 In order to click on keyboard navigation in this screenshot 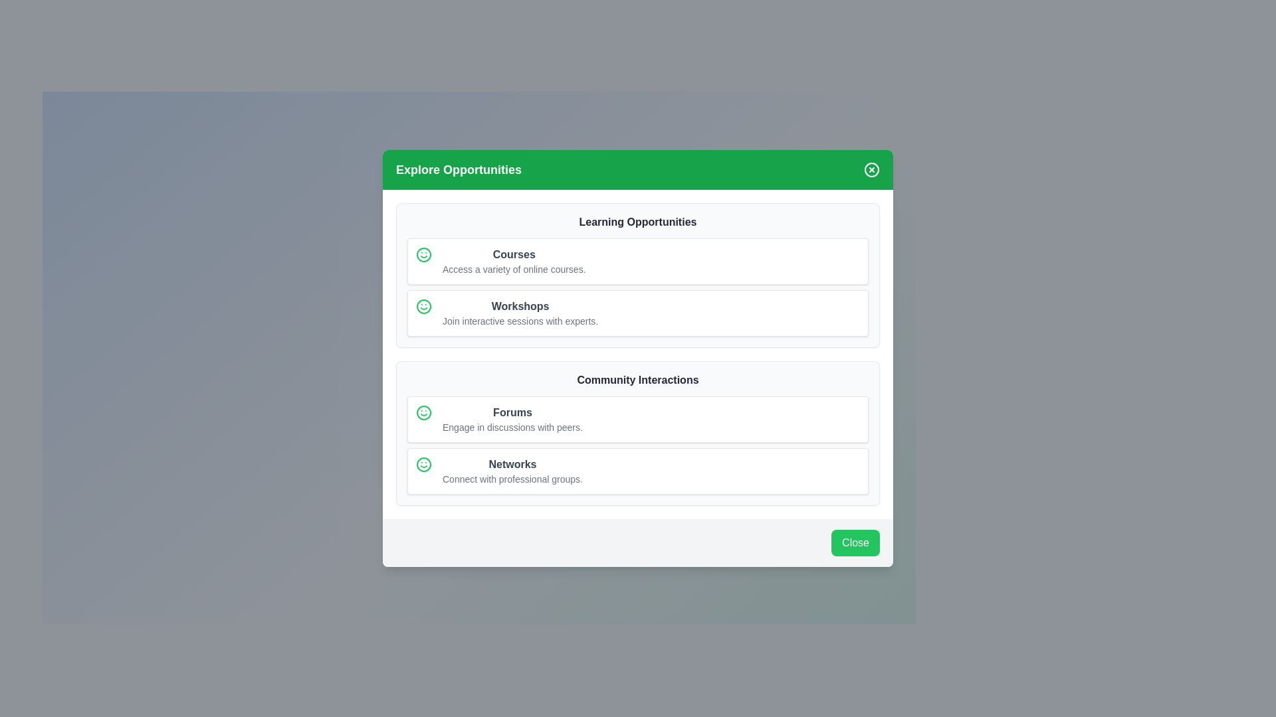, I will do `click(871, 169)`.